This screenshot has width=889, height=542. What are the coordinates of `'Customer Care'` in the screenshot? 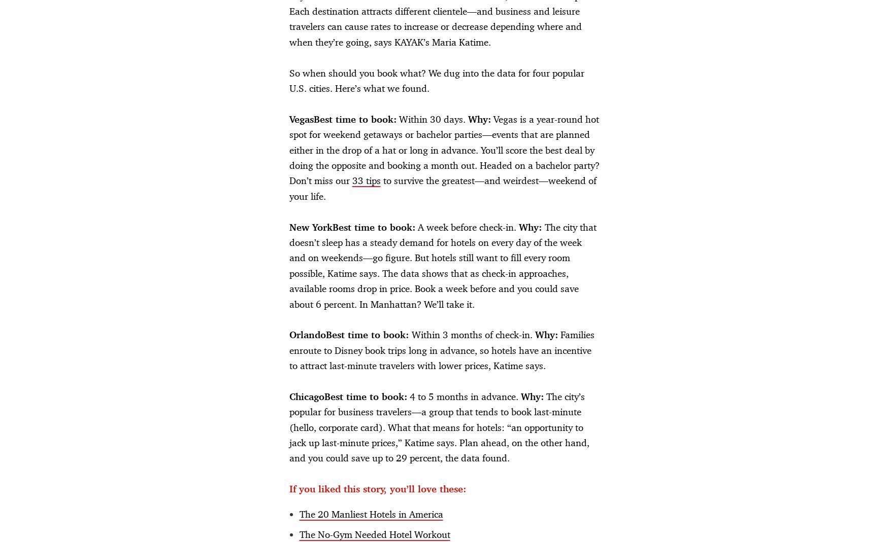 It's located at (470, 368).